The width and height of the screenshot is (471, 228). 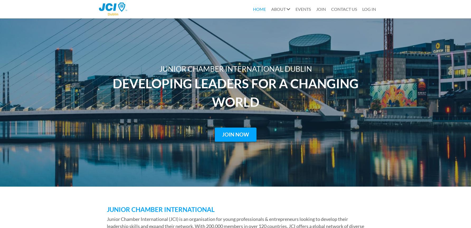 I want to click on 'LOG IN', so click(x=369, y=9).